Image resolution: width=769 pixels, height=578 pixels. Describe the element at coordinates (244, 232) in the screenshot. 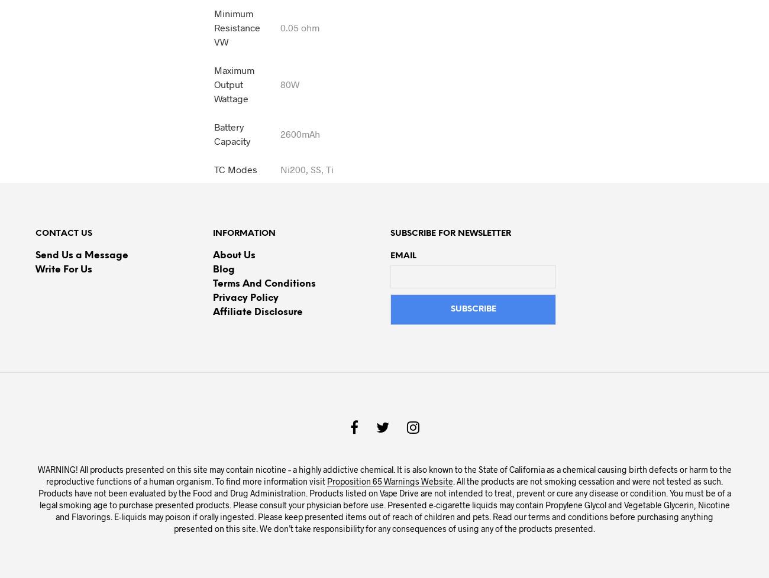

I see `'Information'` at that location.